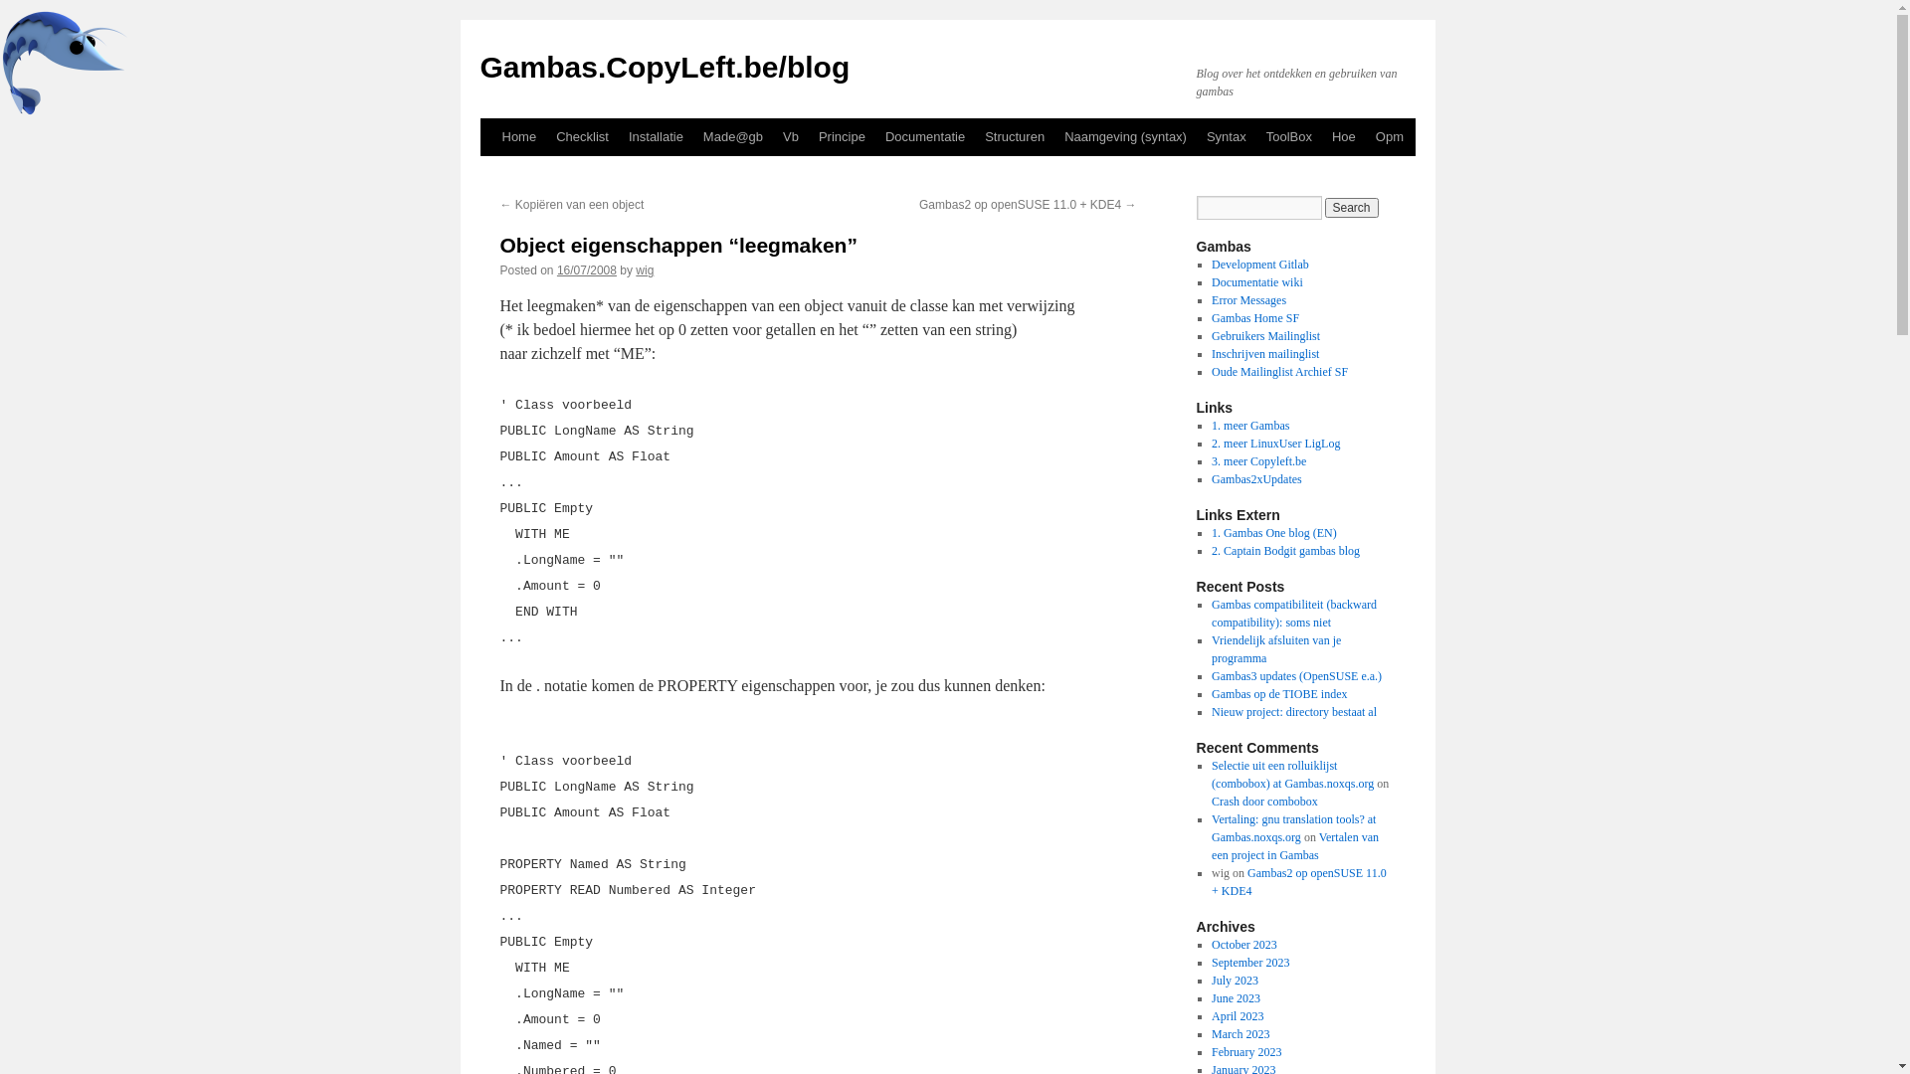 The width and height of the screenshot is (1910, 1074). I want to click on 'Inschrijven mailinglist', so click(1211, 352).